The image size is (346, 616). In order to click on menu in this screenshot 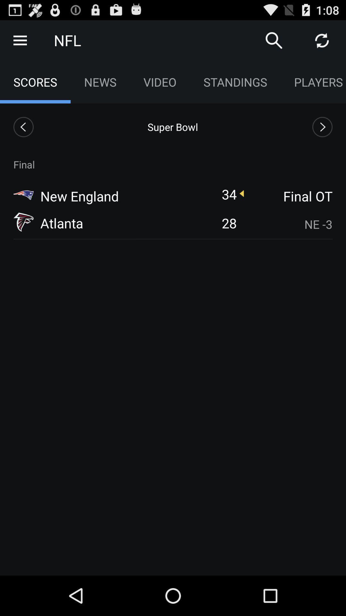, I will do `click(20, 40)`.